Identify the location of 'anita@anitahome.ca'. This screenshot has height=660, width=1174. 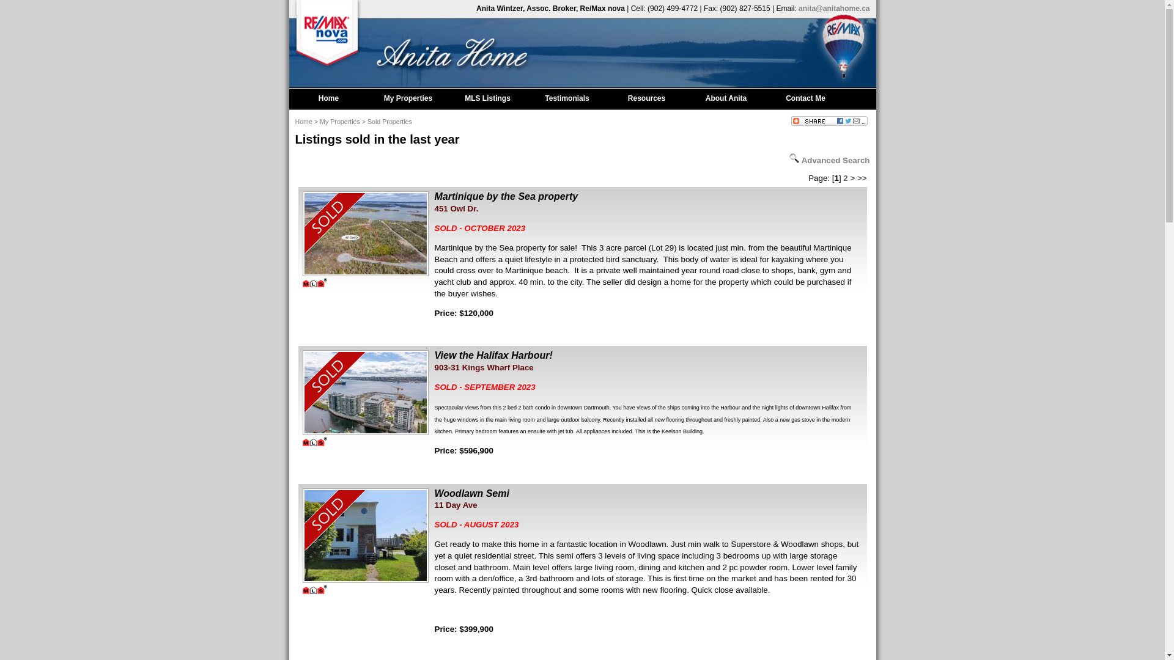
(833, 9).